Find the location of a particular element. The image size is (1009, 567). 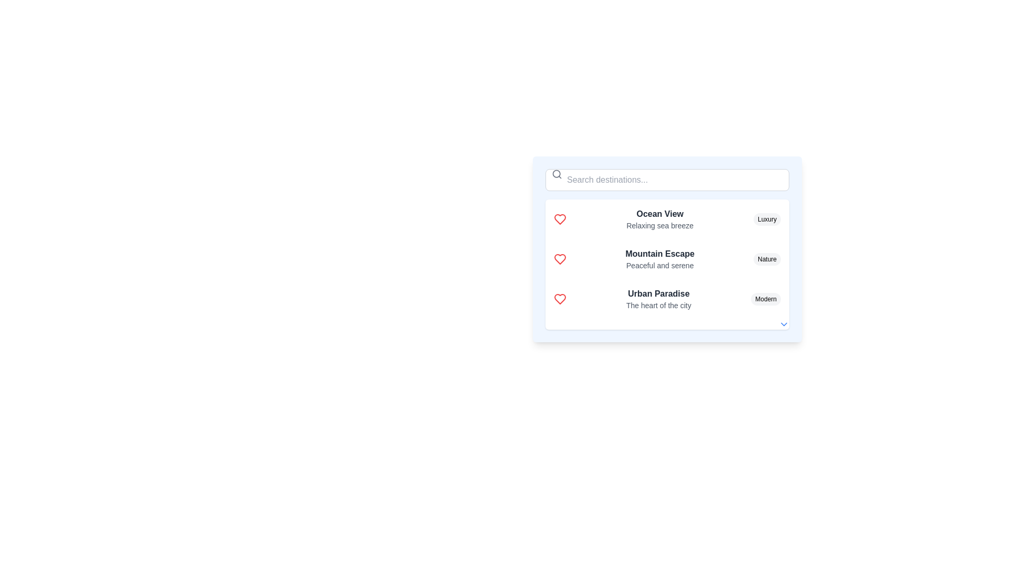

the first list item labeled 'Ocean View' featuring a heart icon, a bold title, a subtitle, and a 'Luxury' tag is located at coordinates (667, 218).